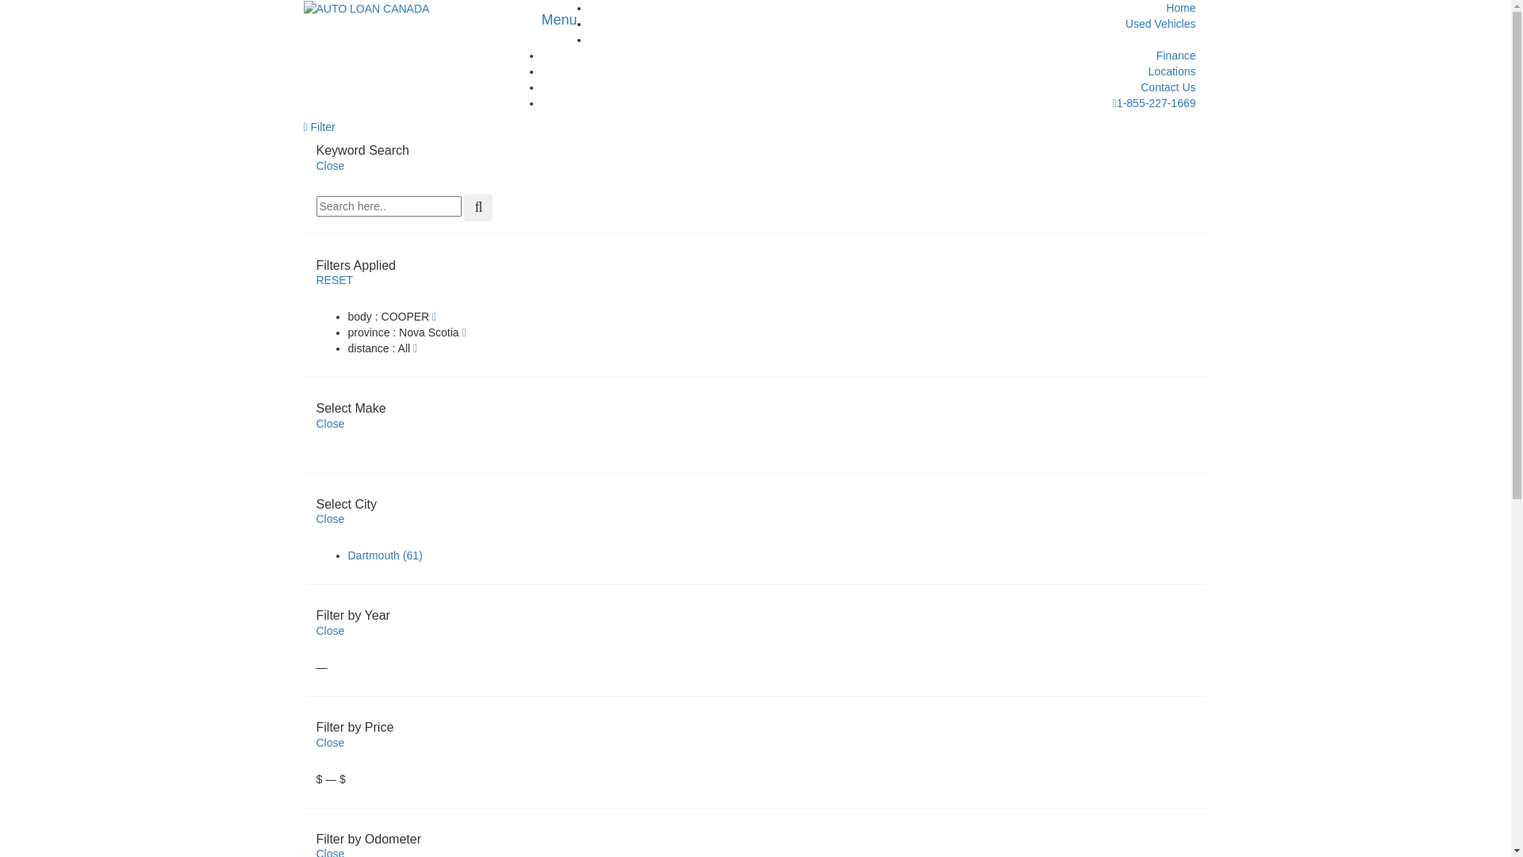 The image size is (1523, 857). Describe the element at coordinates (1154, 103) in the screenshot. I see `'1-855-227-1669'` at that location.